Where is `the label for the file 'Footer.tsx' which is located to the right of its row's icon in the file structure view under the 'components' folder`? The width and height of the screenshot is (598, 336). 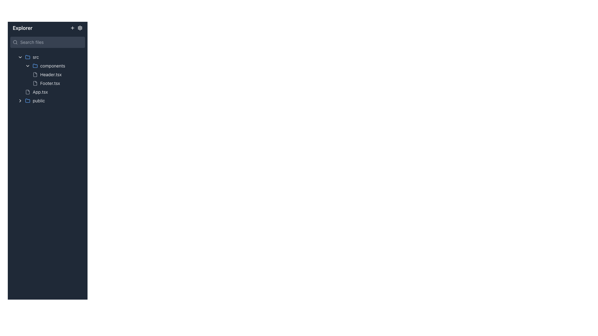
the label for the file 'Footer.tsx' which is located to the right of its row's icon in the file structure view under the 'components' folder is located at coordinates (50, 83).